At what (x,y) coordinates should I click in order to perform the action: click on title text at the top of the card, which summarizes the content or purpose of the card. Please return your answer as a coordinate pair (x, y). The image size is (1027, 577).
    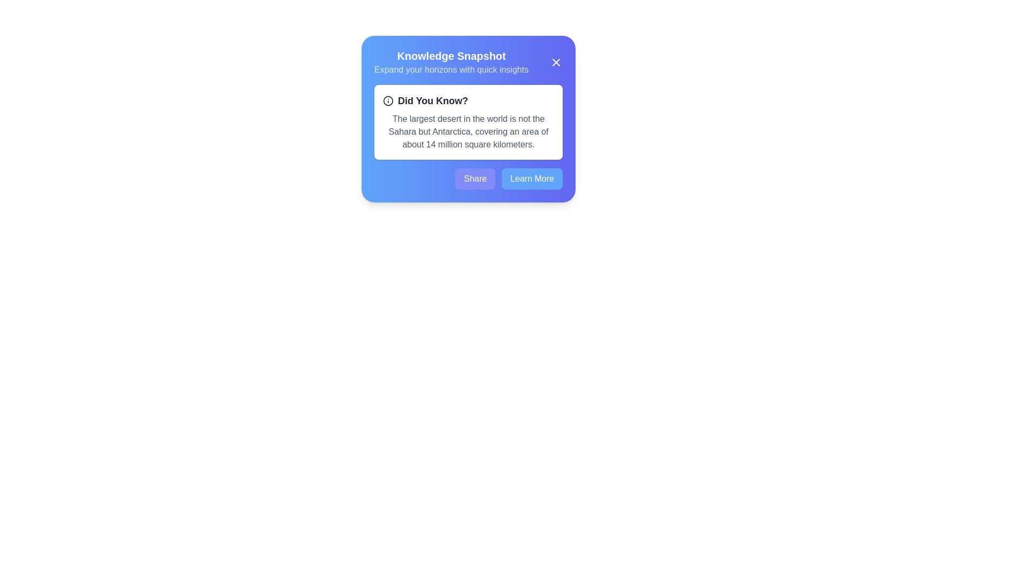
    Looking at the image, I should click on (451, 56).